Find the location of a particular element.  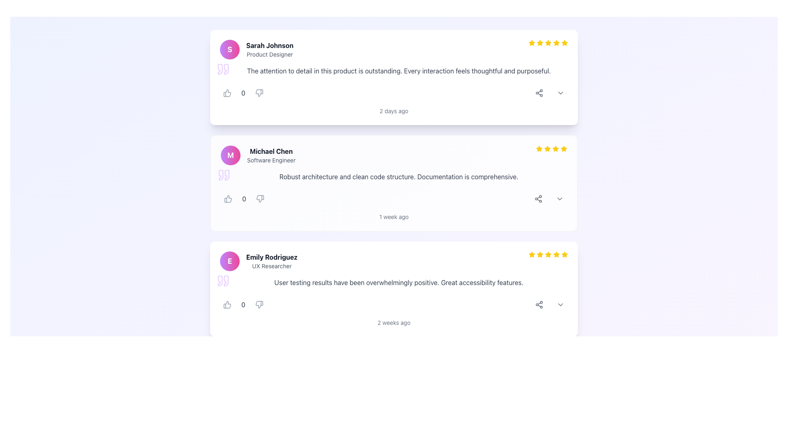

the circular button with a share icon located in the top-right corner of the review card for Sarah Johnson is located at coordinates (539, 93).